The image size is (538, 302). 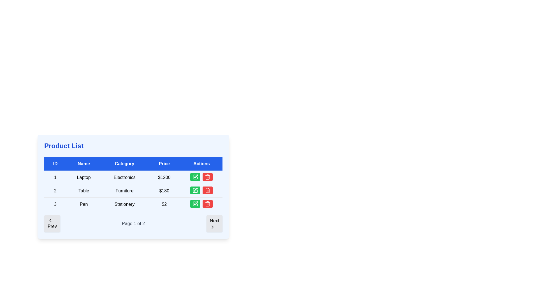 What do you see at coordinates (201, 177) in the screenshot?
I see `the green edit button with a pen icon located in the 'Actions' column of the first row of the product list, next to the price $1200` at bounding box center [201, 177].